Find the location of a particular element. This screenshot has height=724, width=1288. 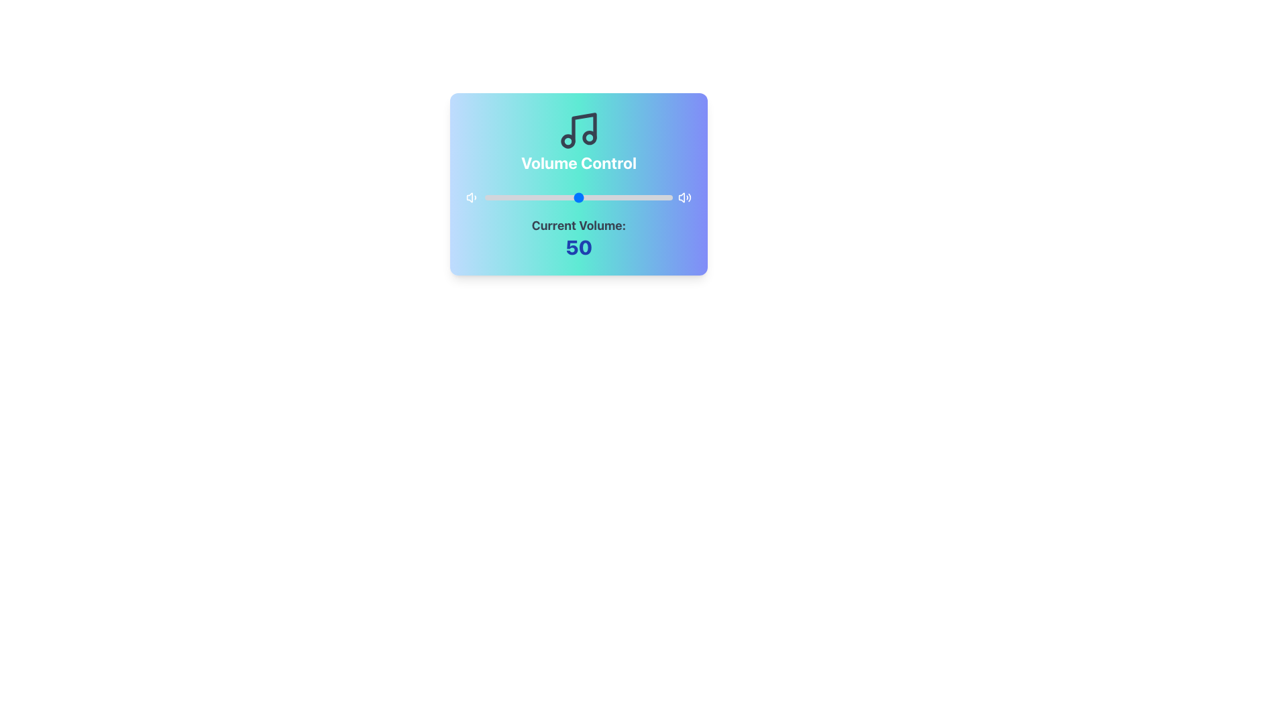

the Text Label that indicates the nature of the numerical value displayed below it, which shows the current volume level, positioned above the sibling element displaying '50' is located at coordinates (579, 225).